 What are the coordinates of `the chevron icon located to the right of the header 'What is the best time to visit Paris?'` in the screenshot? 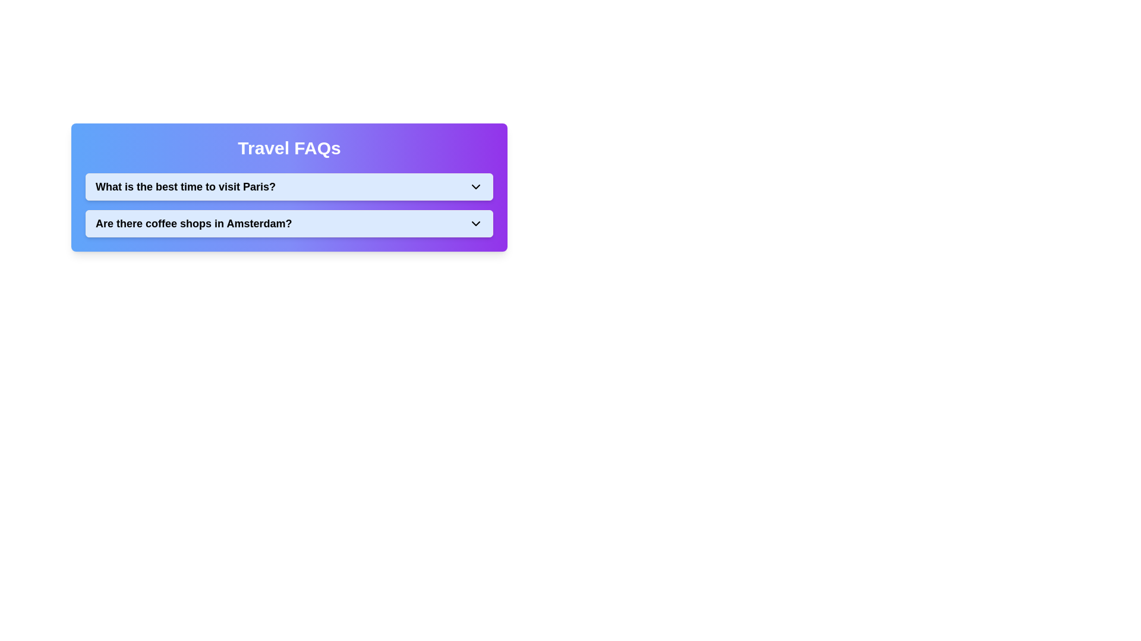 It's located at (476, 187).